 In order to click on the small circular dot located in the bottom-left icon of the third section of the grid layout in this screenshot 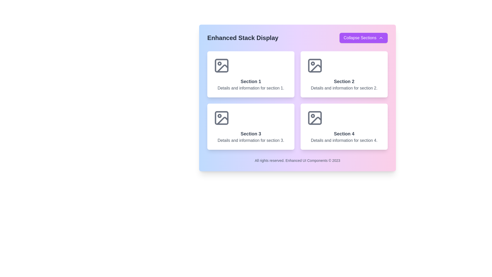, I will do `click(220, 116)`.